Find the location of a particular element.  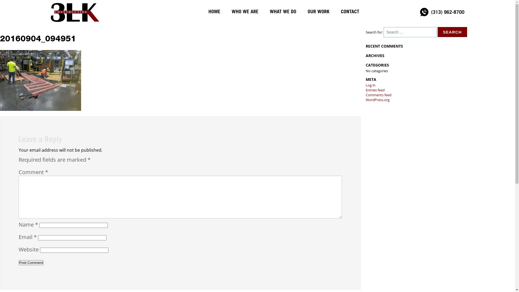

'WHAT WE DO' is located at coordinates (282, 11).